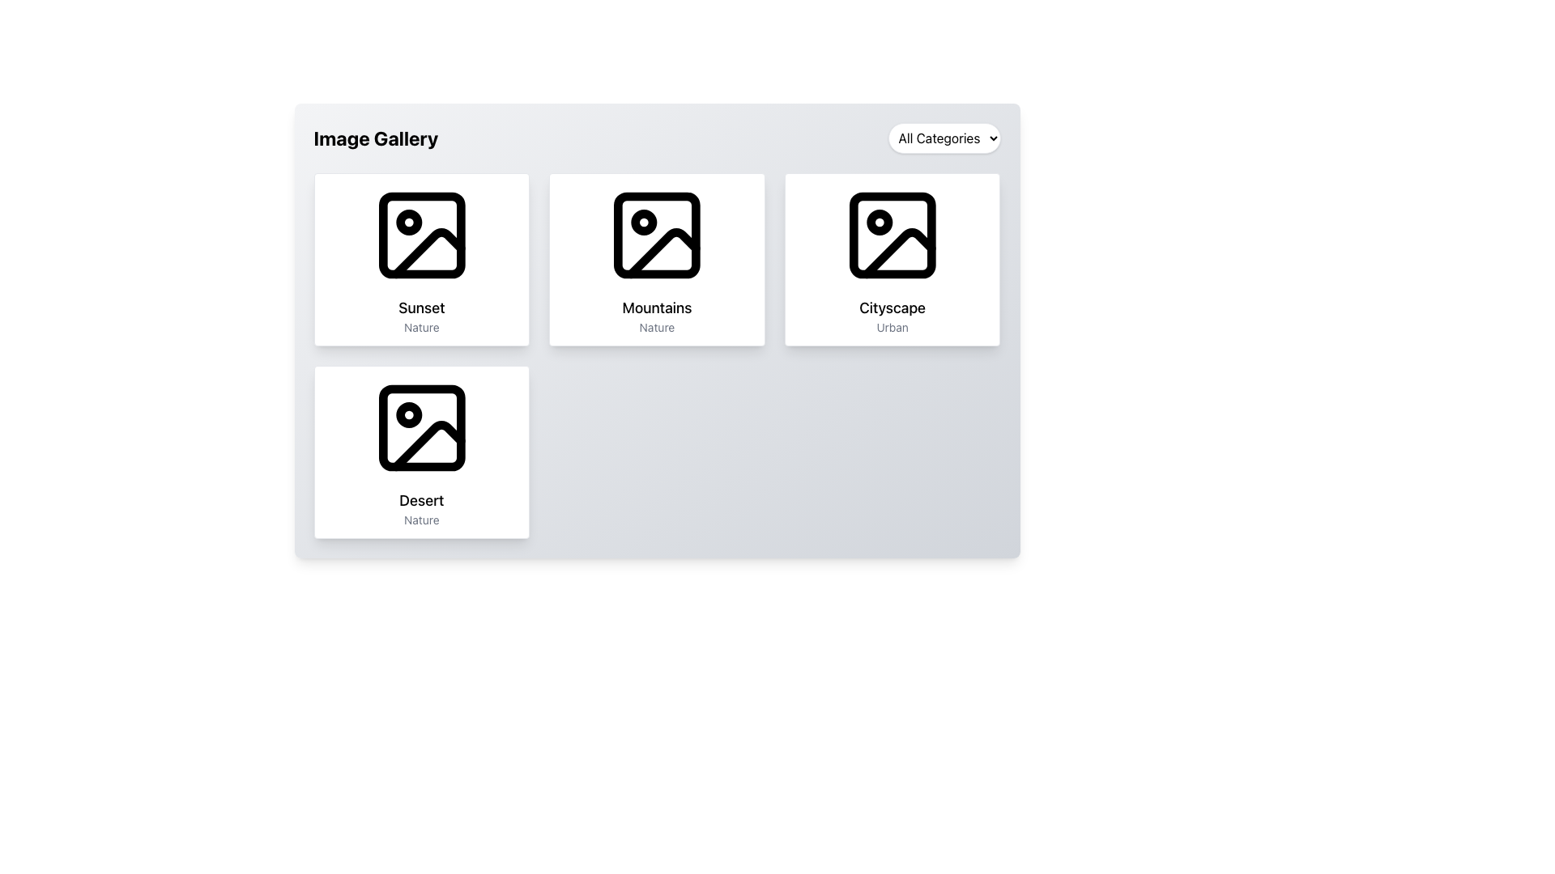 This screenshot has width=1555, height=874. Describe the element at coordinates (663, 253) in the screenshot. I see `the graphical line segment within the 'Mountains' icon in the SVG representation, positioned diagonally in the second icon of the gallery grid` at that location.